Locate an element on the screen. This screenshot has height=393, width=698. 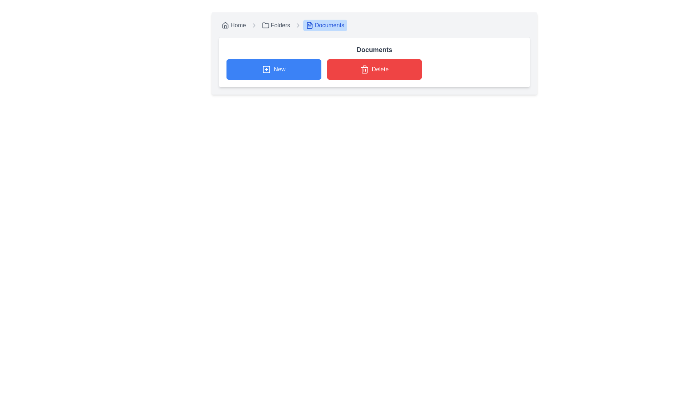
the blue button labeled 'New' which contains a plus sign icon in the center, located on the left side of a two-button group in the upper left area of the main content card labeled 'Documents' is located at coordinates (266, 70).